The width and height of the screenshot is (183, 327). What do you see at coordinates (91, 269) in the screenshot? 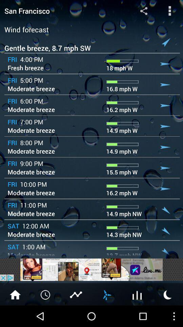
I see `the advertisements` at bounding box center [91, 269].